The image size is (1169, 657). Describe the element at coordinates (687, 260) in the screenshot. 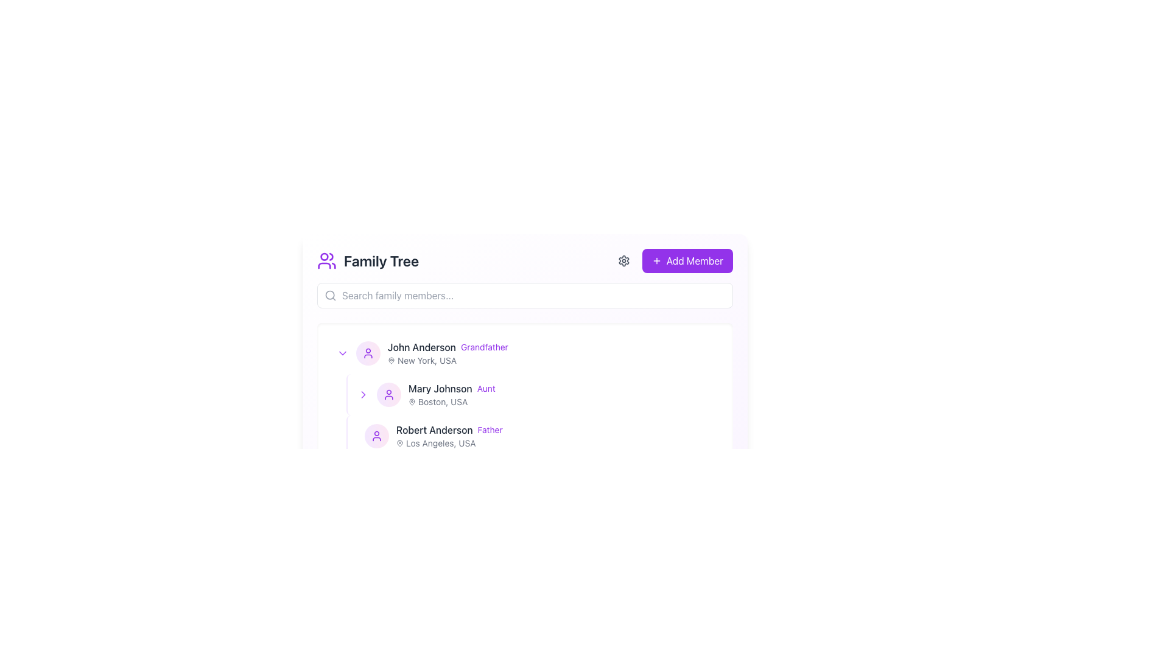

I see `the 'Add Member' button located in the top-right corner of the interface` at that location.